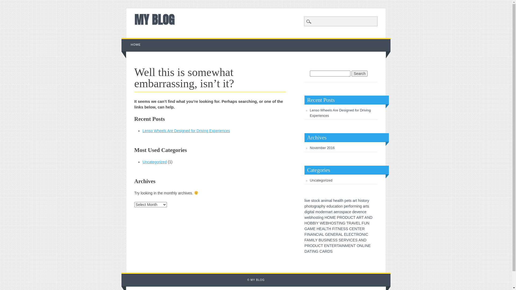 This screenshot has height=290, width=516. Describe the element at coordinates (312, 251) in the screenshot. I see `'I'` at that location.